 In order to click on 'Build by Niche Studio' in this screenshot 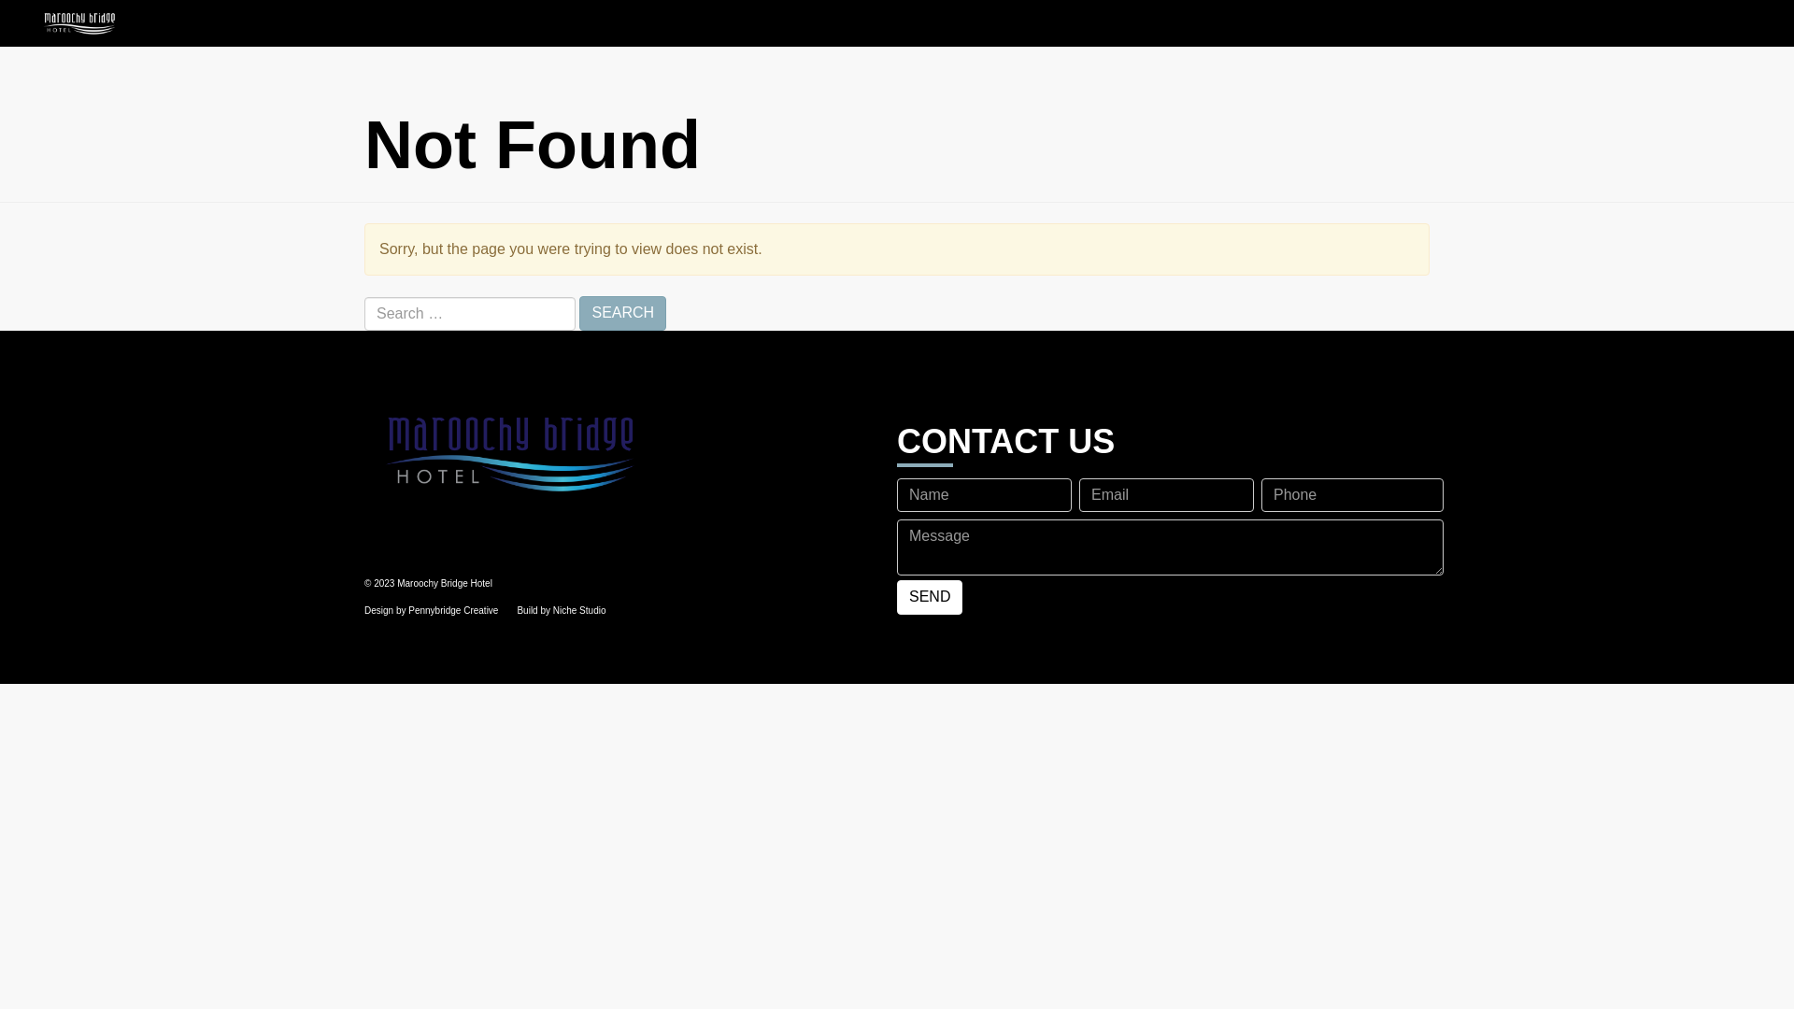, I will do `click(560, 610)`.